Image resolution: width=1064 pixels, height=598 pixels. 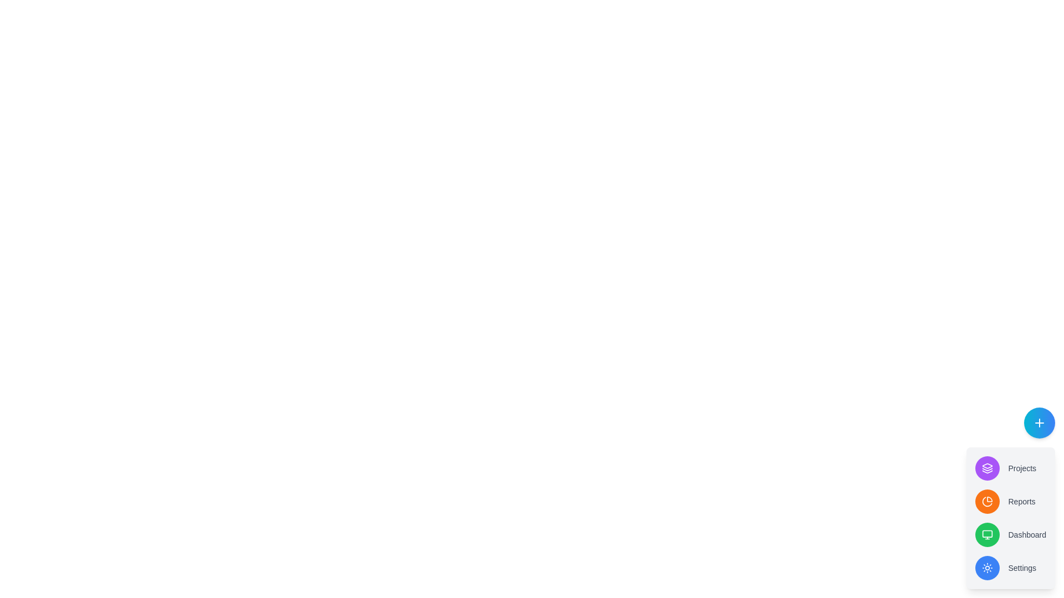 I want to click on the 'Dashboard' text label located in the third position of a vertical list within the sidebar, styled with a small font size and medium weight in gray color, so click(x=1026, y=534).